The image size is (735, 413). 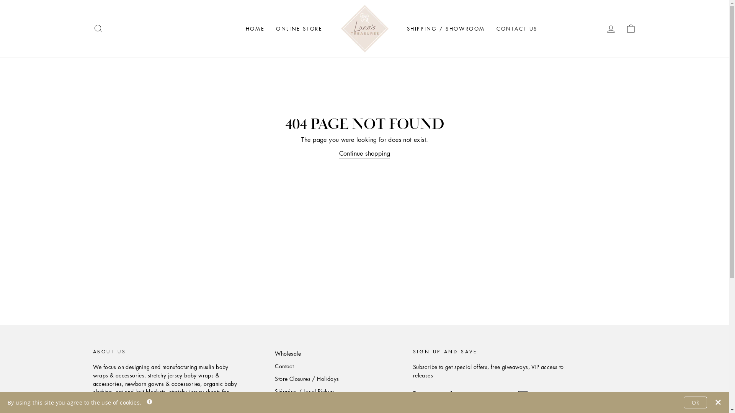 What do you see at coordinates (611, 28) in the screenshot?
I see `'LOG IN'` at bounding box center [611, 28].